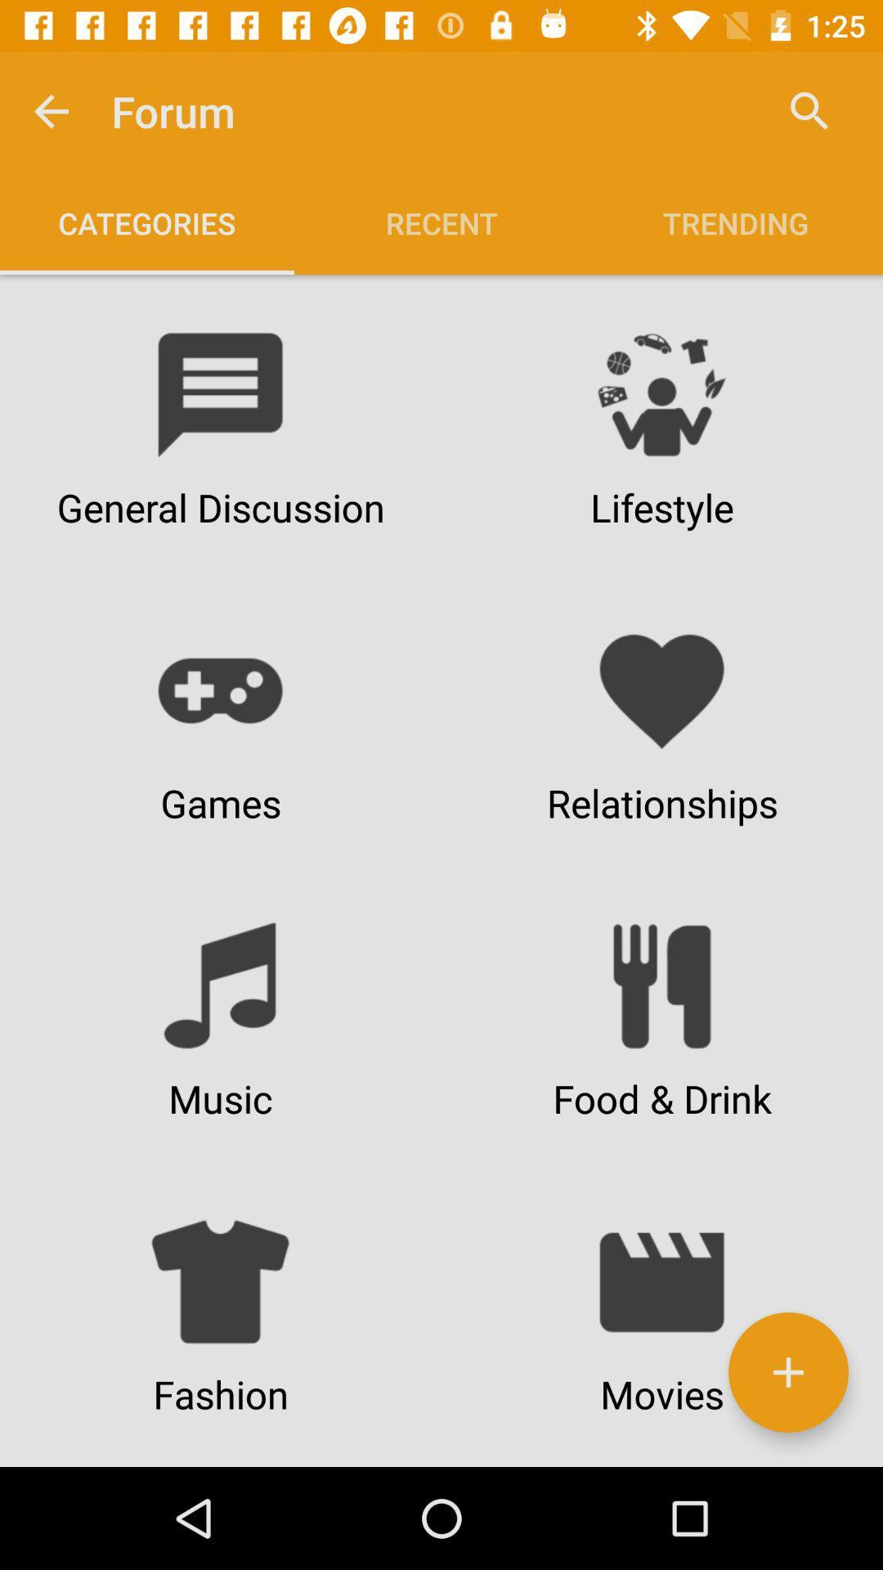 The image size is (883, 1570). What do you see at coordinates (787, 1372) in the screenshot?
I see `to categories` at bounding box center [787, 1372].